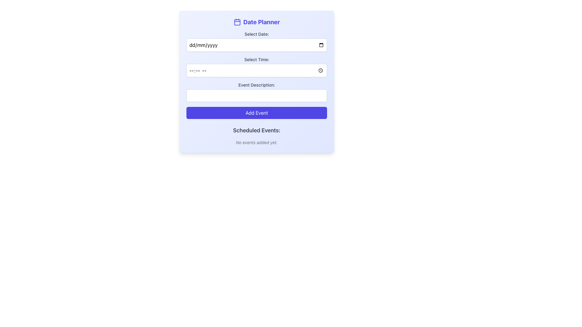 The image size is (582, 327). What do you see at coordinates (256, 22) in the screenshot?
I see `the 'Date Planner' Text Header with Icon, which serves as a title for the section and is located at the top of the page, above the 'Select Date:' section` at bounding box center [256, 22].